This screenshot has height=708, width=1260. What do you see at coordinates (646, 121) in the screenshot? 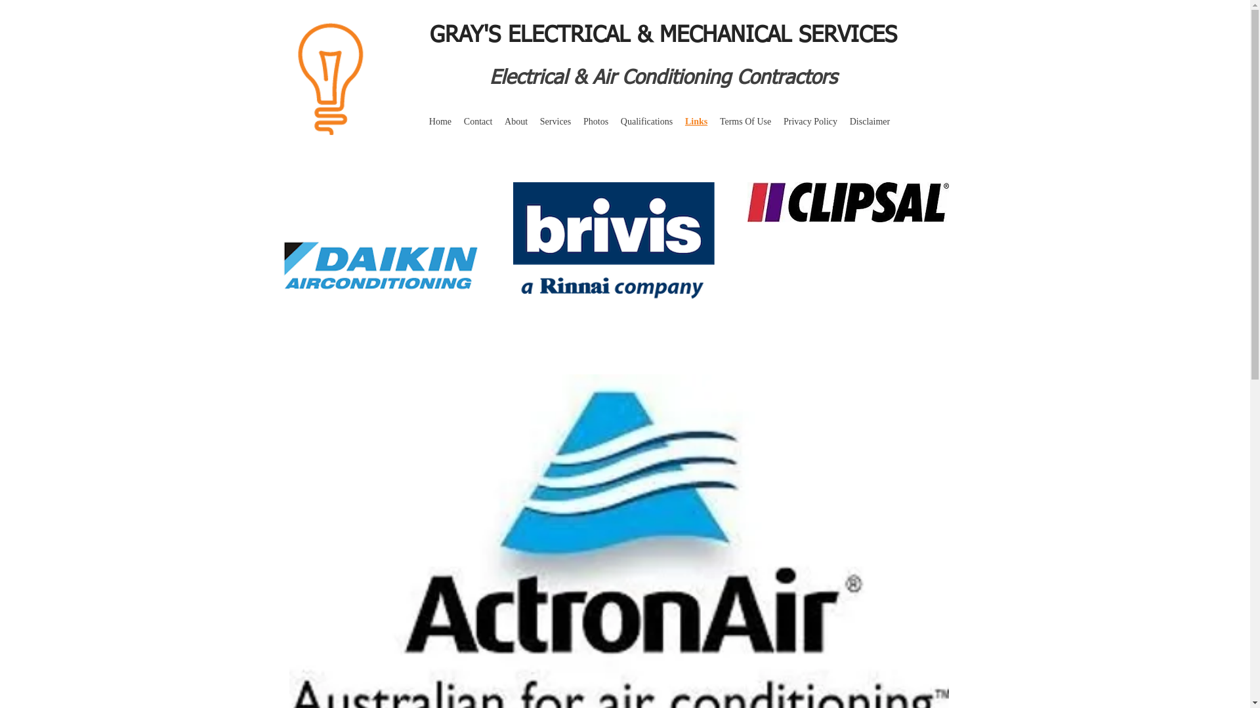
I see `'Qualifications'` at bounding box center [646, 121].